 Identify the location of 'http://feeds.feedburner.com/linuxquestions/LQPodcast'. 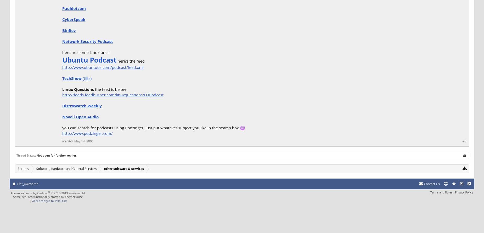
(112, 95).